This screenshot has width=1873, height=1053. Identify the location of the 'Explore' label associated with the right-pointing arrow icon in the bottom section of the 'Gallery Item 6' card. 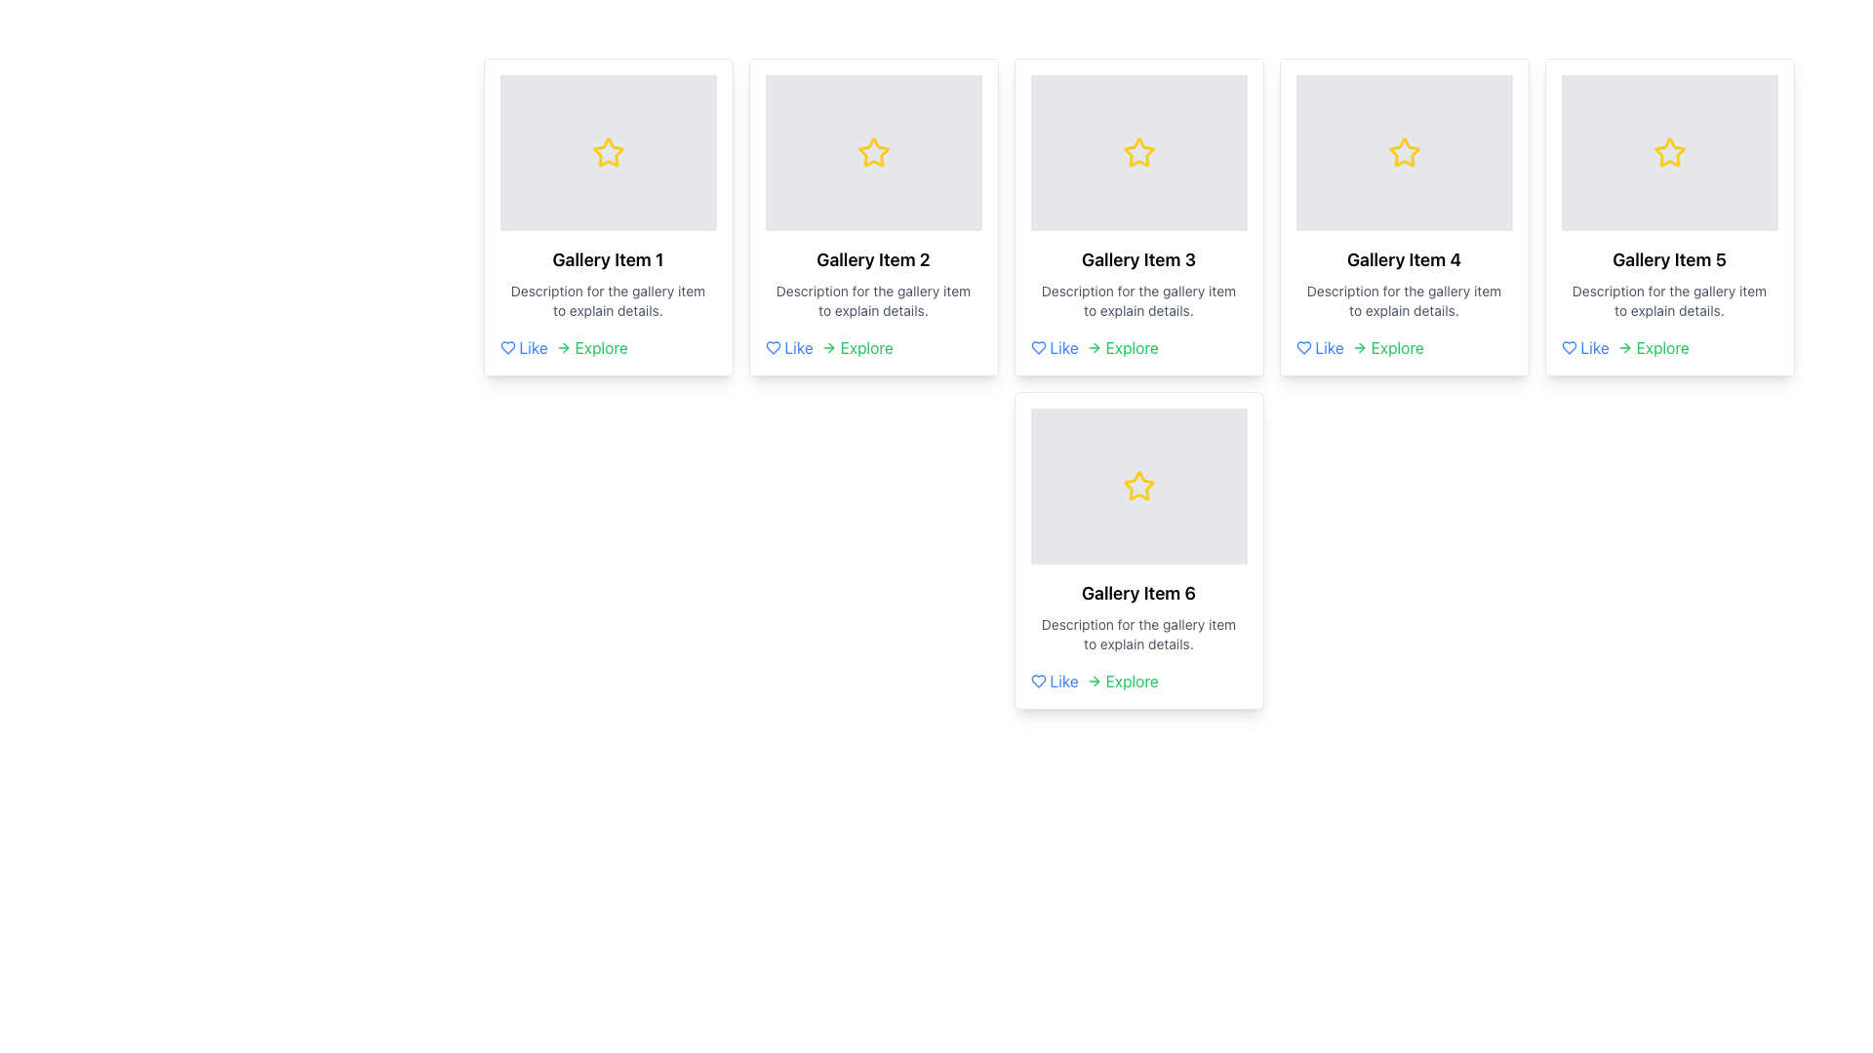
(1096, 680).